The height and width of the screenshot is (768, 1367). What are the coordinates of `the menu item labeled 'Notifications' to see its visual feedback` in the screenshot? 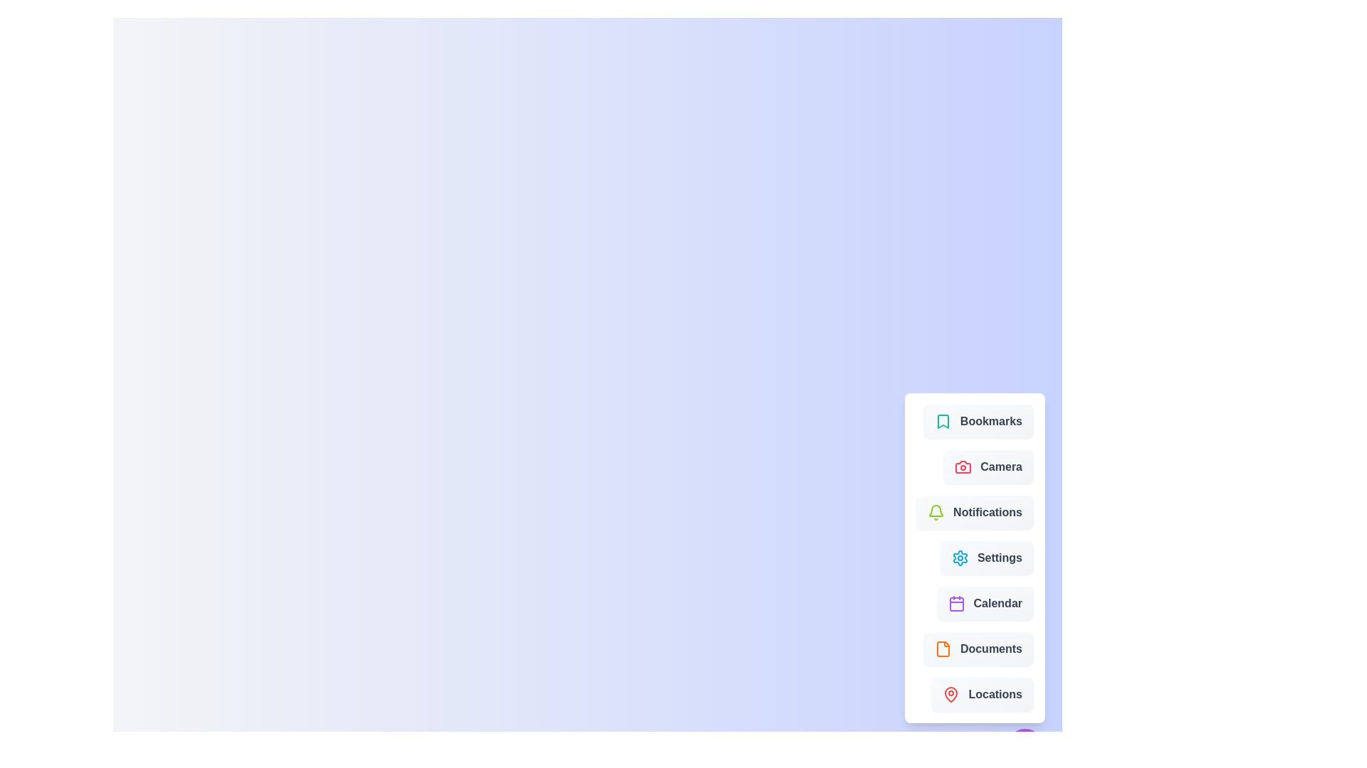 It's located at (973, 513).